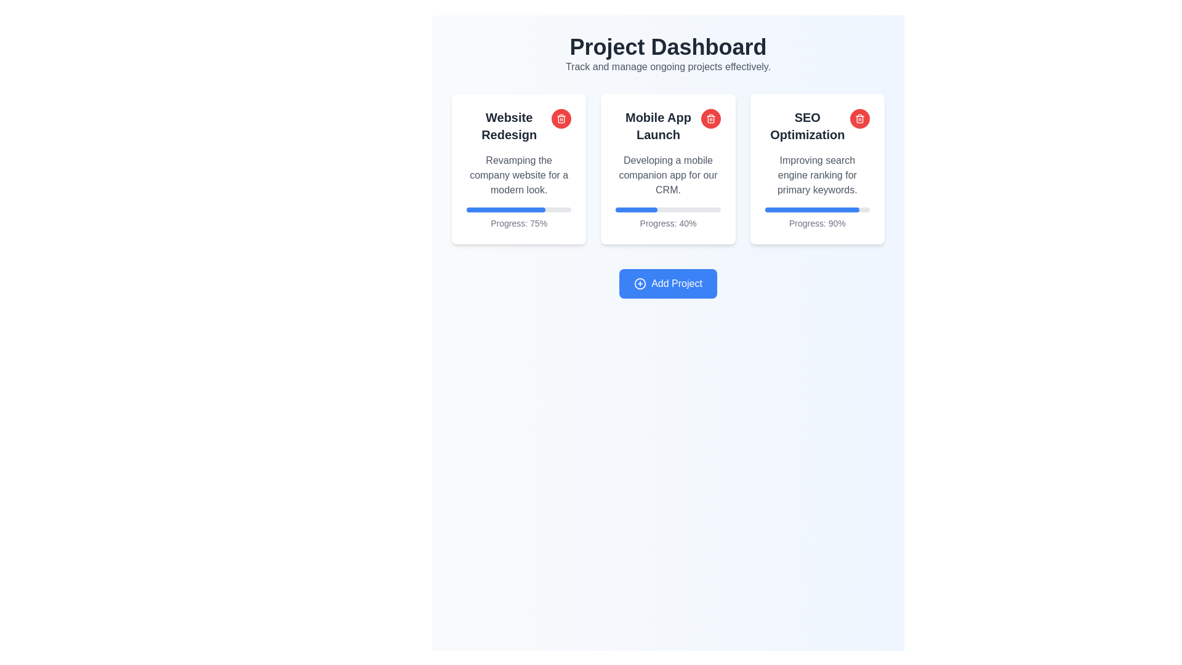  What do you see at coordinates (519, 175) in the screenshot?
I see `the Text Block that provides a description of the 'Website Redesign' project, located below the title and above the progress bar` at bounding box center [519, 175].